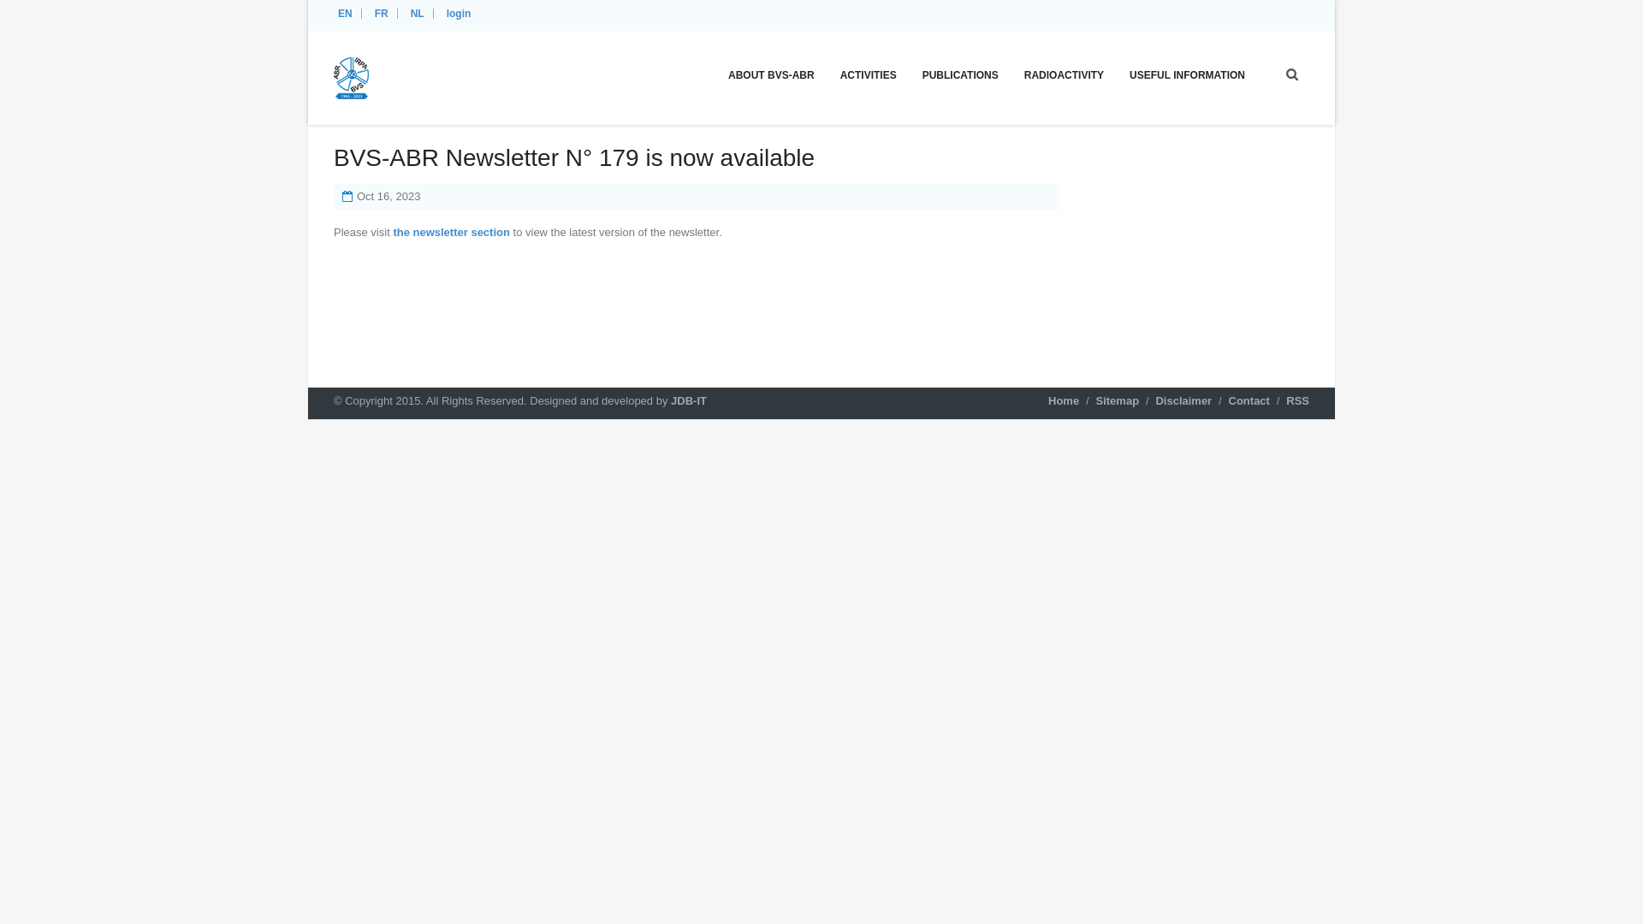  I want to click on 'login', so click(460, 13).